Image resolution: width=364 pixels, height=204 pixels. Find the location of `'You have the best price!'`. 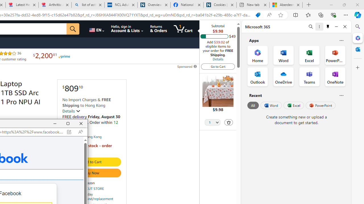

'You have the best price!' is located at coordinates (257, 15).